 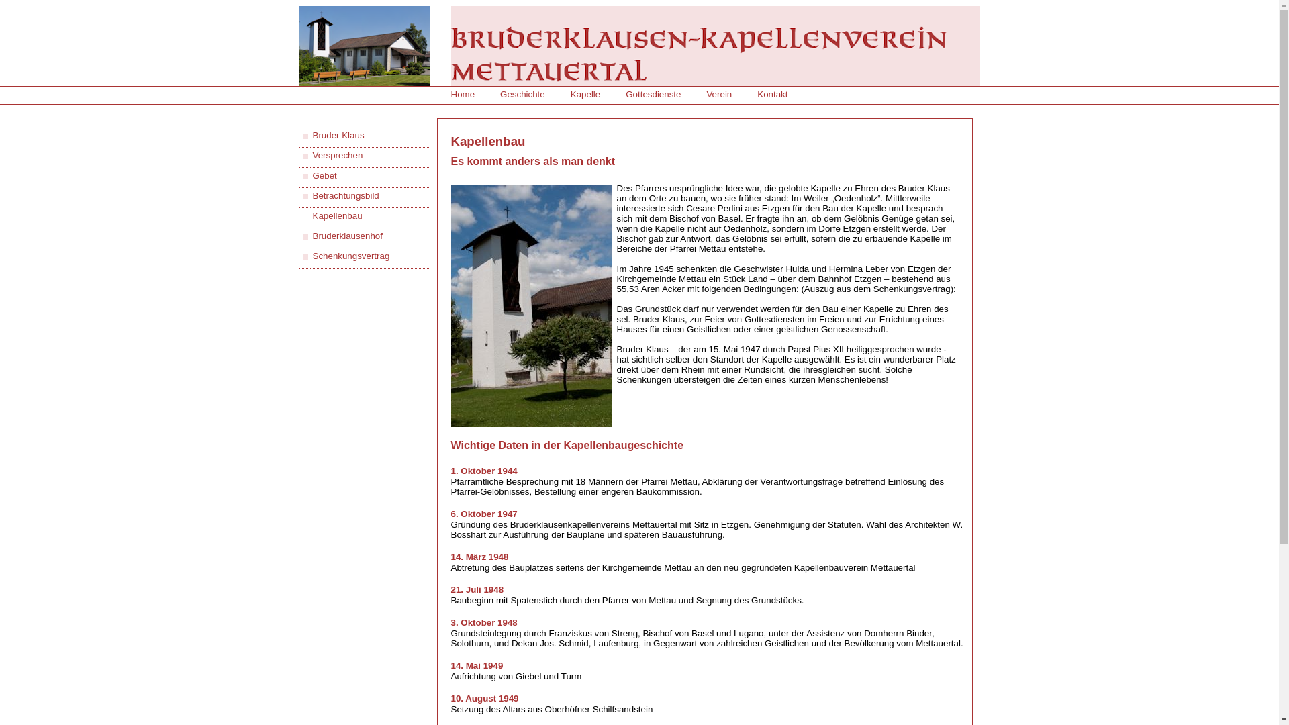 I want to click on 'Gottesdienste', so click(x=653, y=93).